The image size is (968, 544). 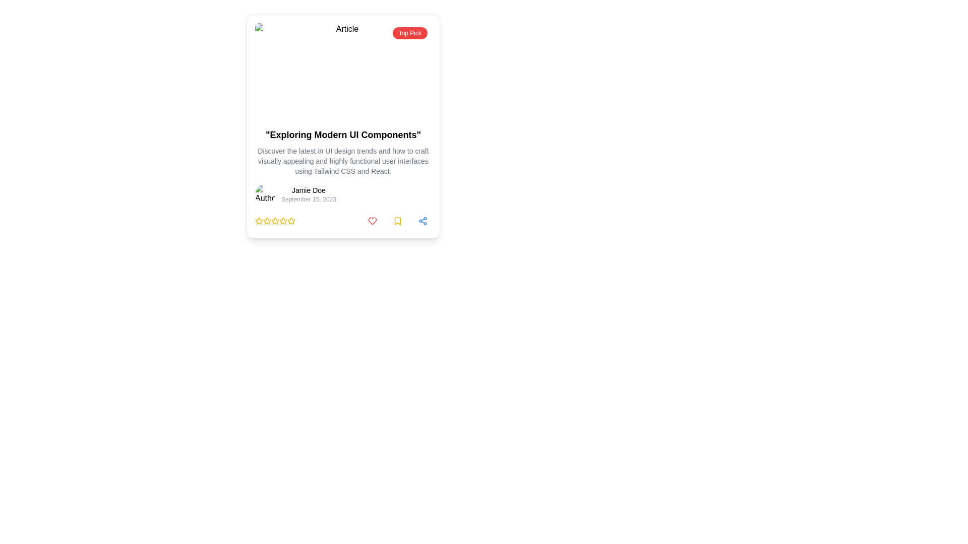 I want to click on the text block displaying 'Jamie Doe' and the date 'September 15, 2023', which is positioned to the right of the 'Author' avatar image, so click(x=308, y=194).